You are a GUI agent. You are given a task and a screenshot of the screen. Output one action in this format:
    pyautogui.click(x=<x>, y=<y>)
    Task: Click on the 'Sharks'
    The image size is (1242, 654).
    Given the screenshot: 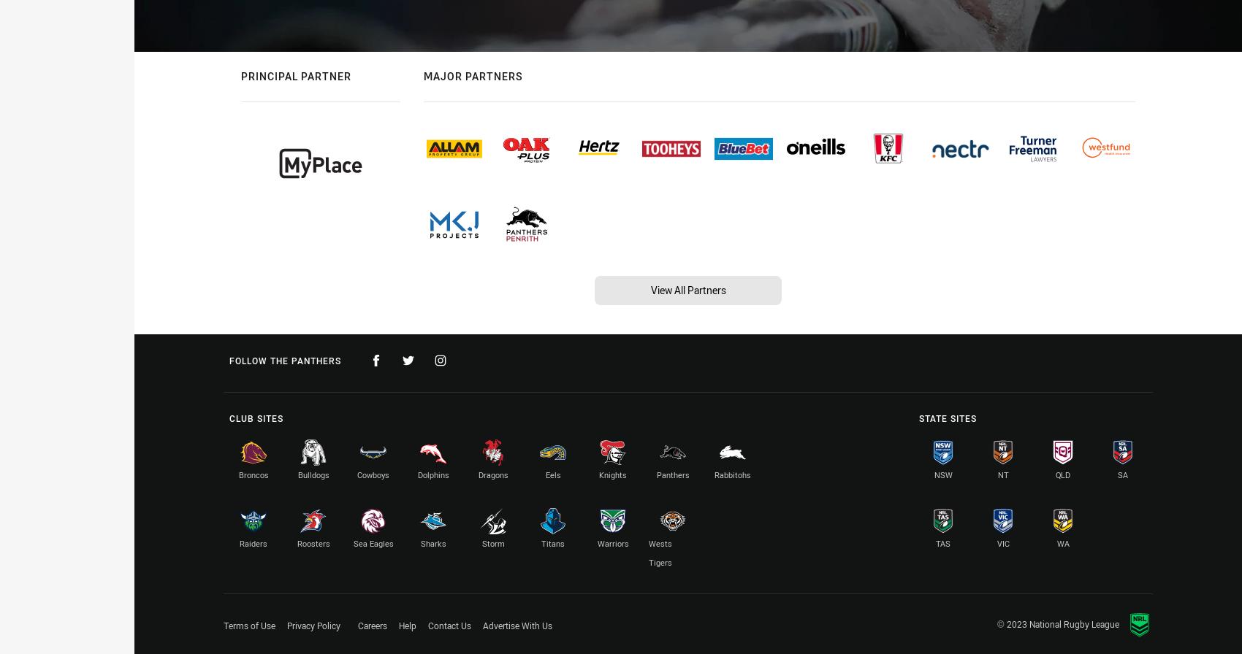 What is the action you would take?
    pyautogui.click(x=419, y=543)
    